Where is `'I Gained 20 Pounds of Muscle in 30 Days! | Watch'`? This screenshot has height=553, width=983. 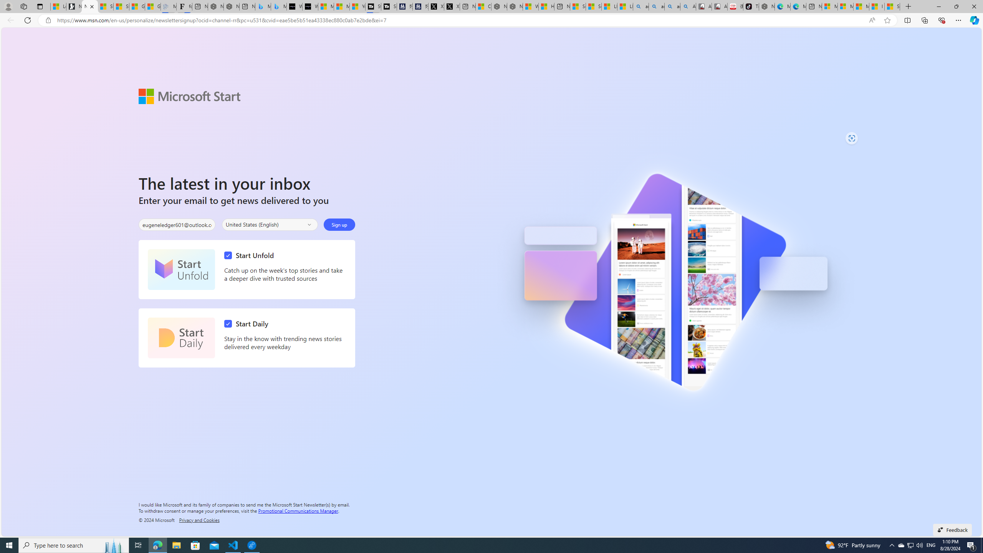 'I Gained 20 Pounds of Muscle in 30 Days! | Watch' is located at coordinates (876, 6).